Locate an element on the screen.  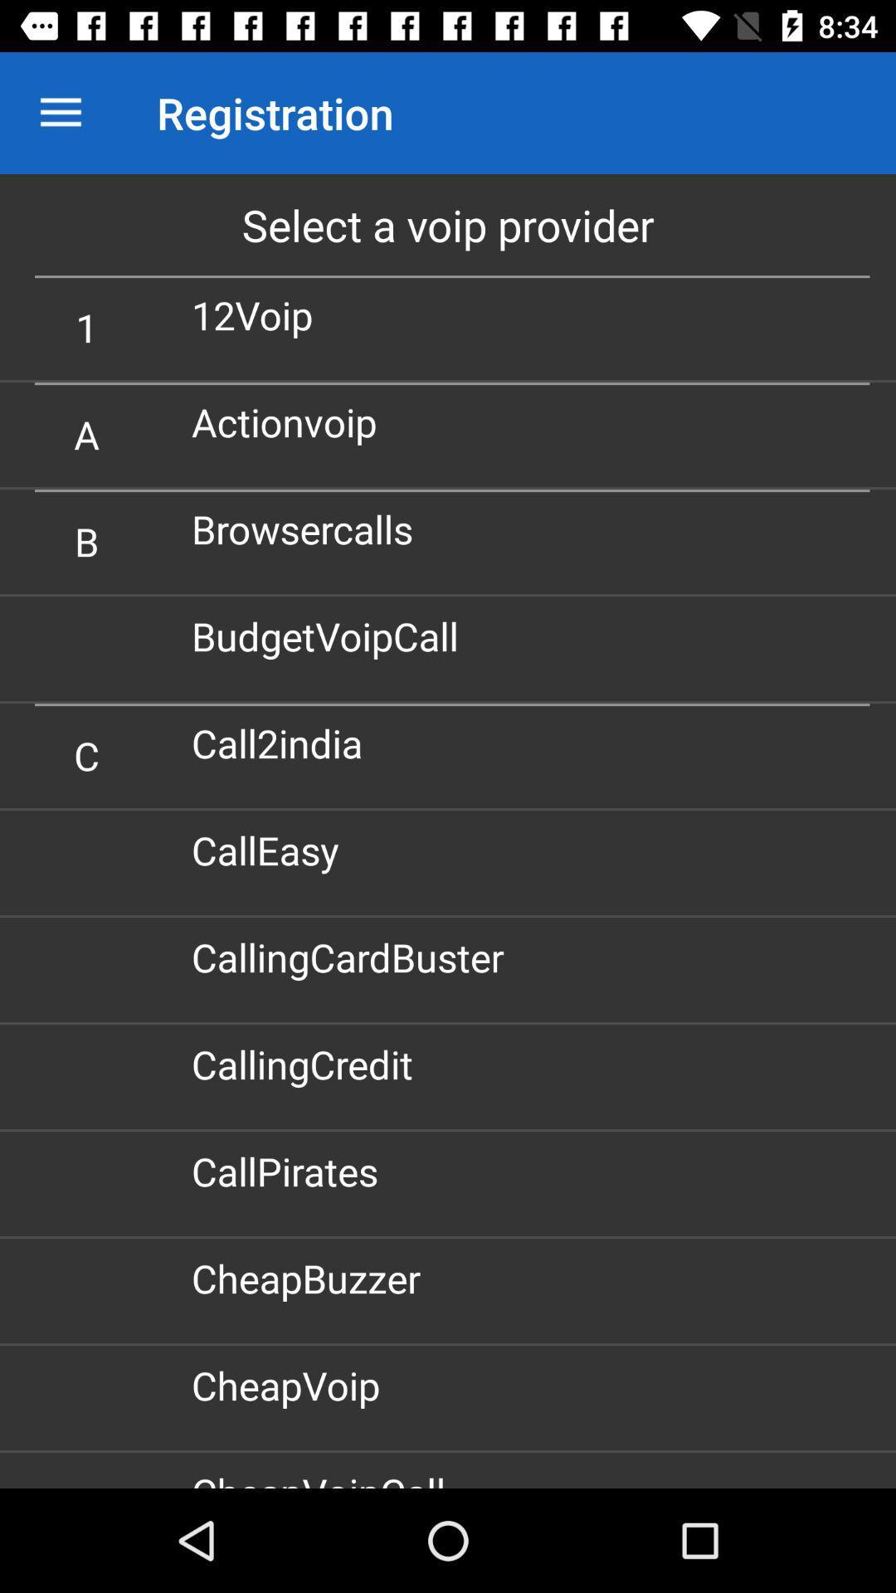
icon below the browsercalls is located at coordinates (331, 635).